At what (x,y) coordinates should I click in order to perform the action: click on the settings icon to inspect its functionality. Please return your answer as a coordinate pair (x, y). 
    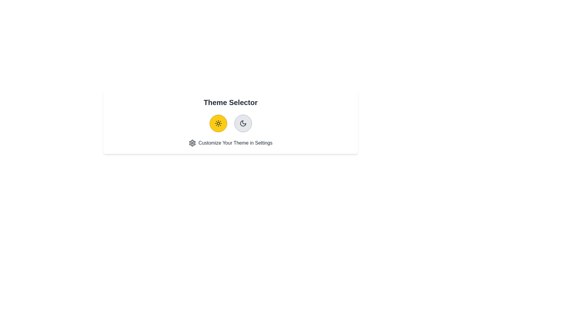
    Looking at the image, I should click on (192, 143).